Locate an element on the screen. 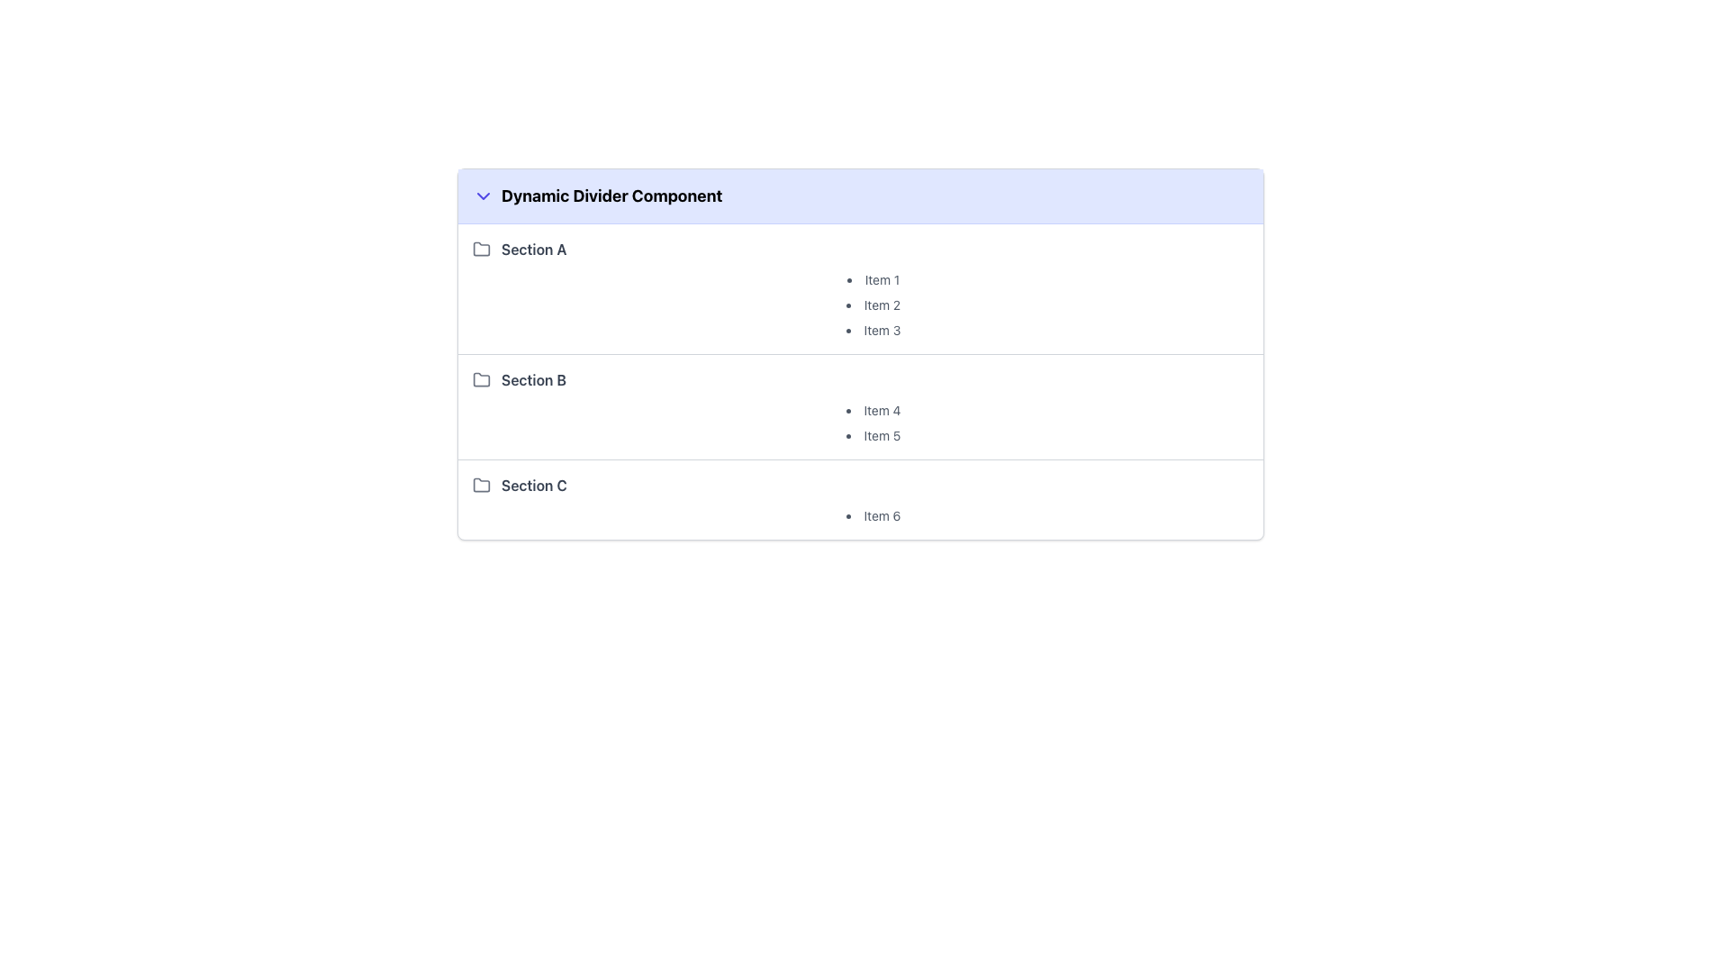  the small folder-shaped icon located at the far-left side of the row labeled 'Section C', which is styled in gray line art is located at coordinates (481, 485).